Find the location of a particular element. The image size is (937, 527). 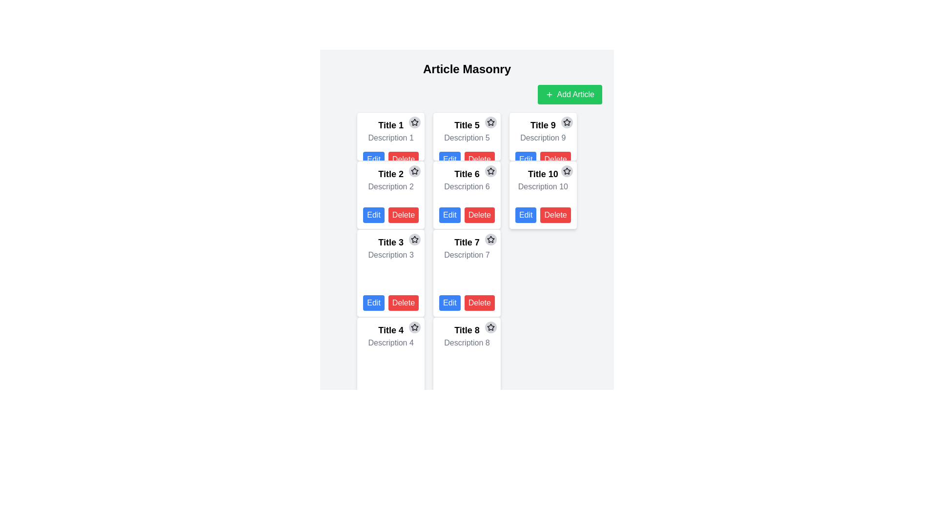

the static text element that provides additional information about 'Title 5', located below the title and above the action buttons ('Edit', 'Delete') is located at coordinates (466, 138).